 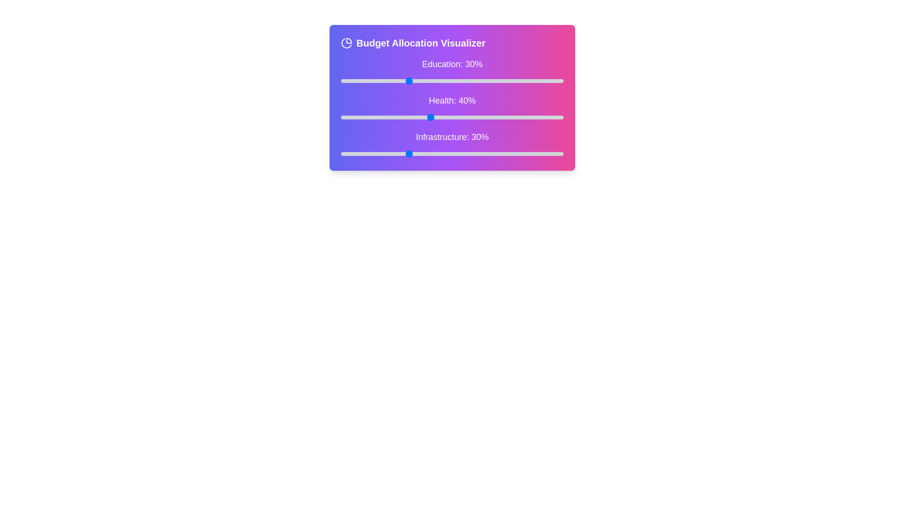 I want to click on the Education budget, so click(x=388, y=81).